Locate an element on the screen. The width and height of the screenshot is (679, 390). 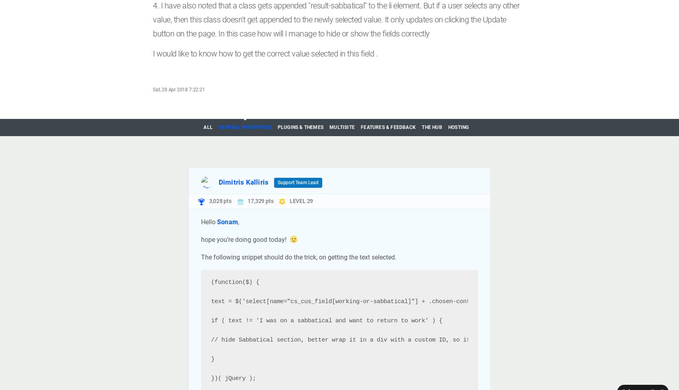
'})( jQuery );' is located at coordinates (233, 378).